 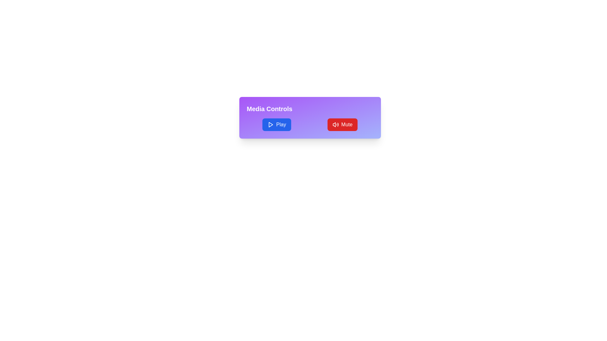 I want to click on the 'Play' button to inspect its behavior and visual feedback, so click(x=276, y=124).